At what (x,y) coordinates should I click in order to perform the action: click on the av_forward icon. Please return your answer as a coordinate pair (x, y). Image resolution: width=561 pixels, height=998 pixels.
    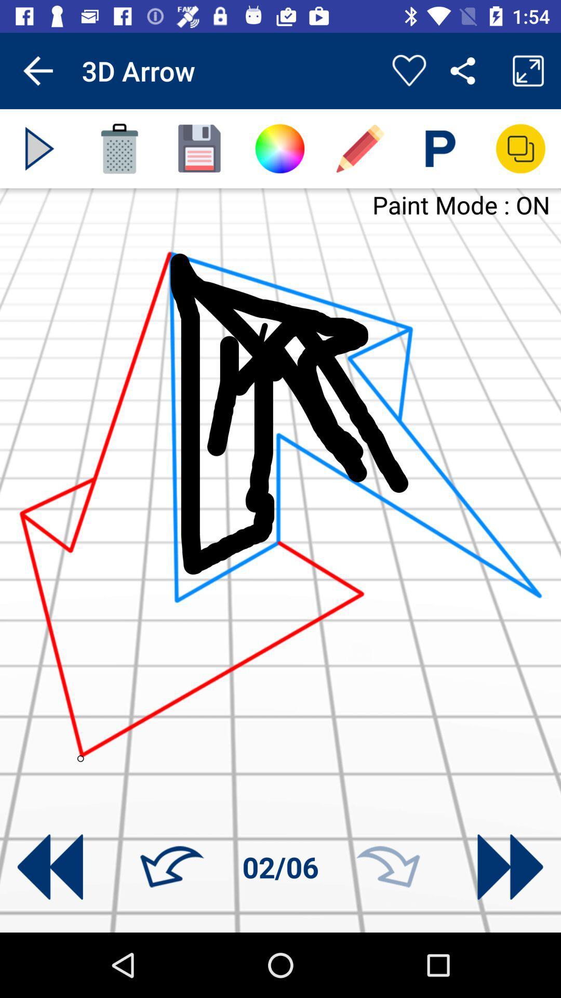
    Looking at the image, I should click on (510, 867).